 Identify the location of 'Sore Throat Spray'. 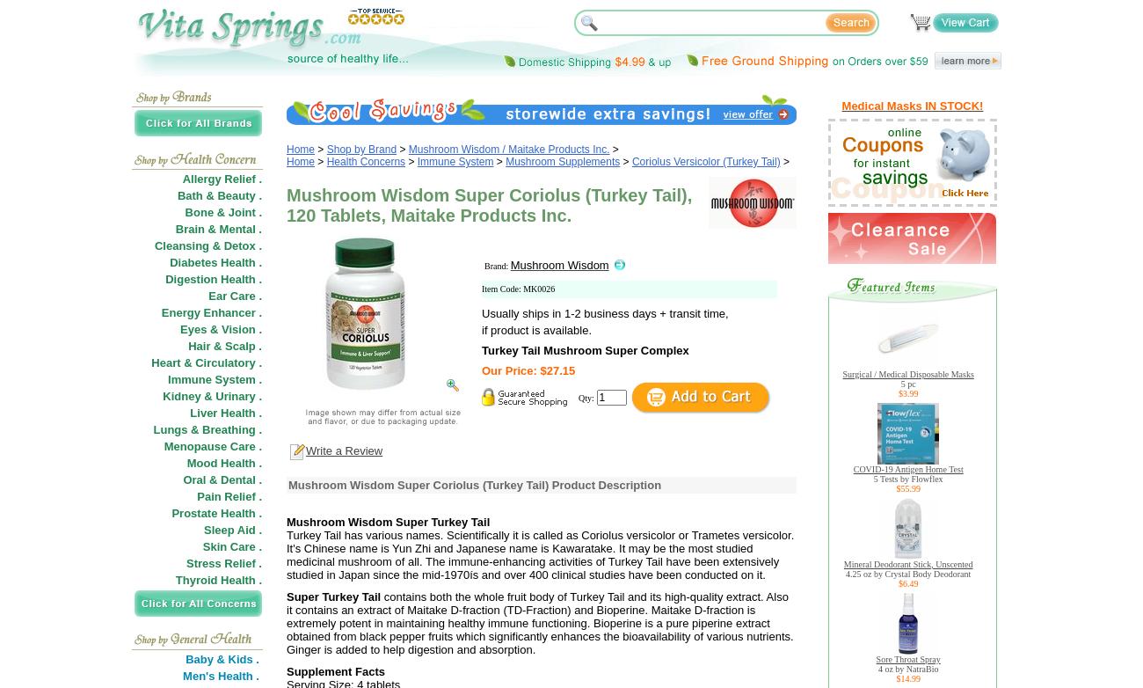
(907, 658).